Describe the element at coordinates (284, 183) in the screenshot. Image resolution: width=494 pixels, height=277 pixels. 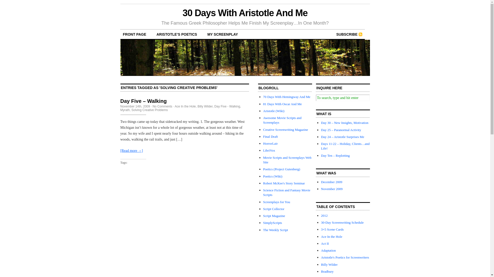
I see `'Robert McKee's Story Seminar'` at that location.